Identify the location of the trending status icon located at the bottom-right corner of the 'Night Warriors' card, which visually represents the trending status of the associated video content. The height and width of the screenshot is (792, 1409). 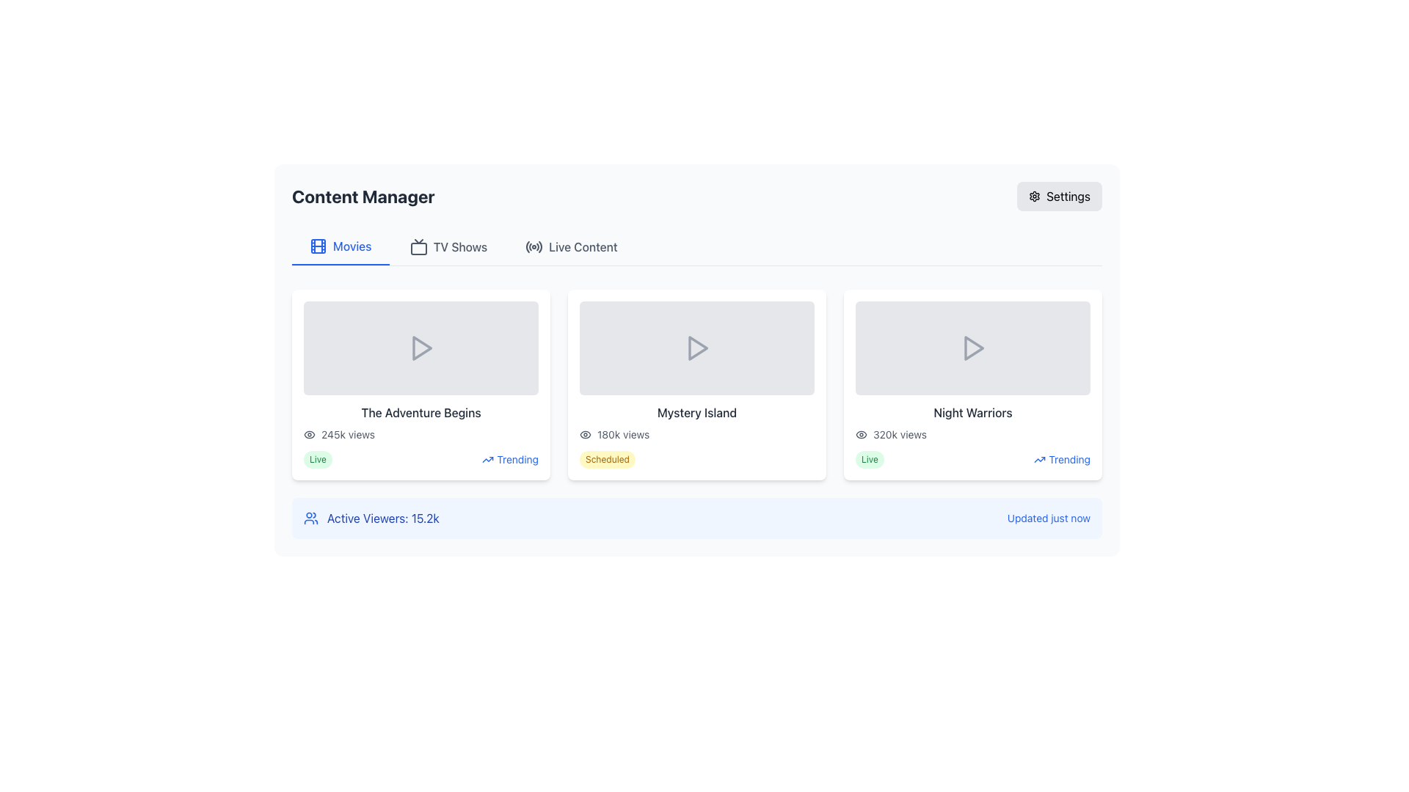
(1039, 459).